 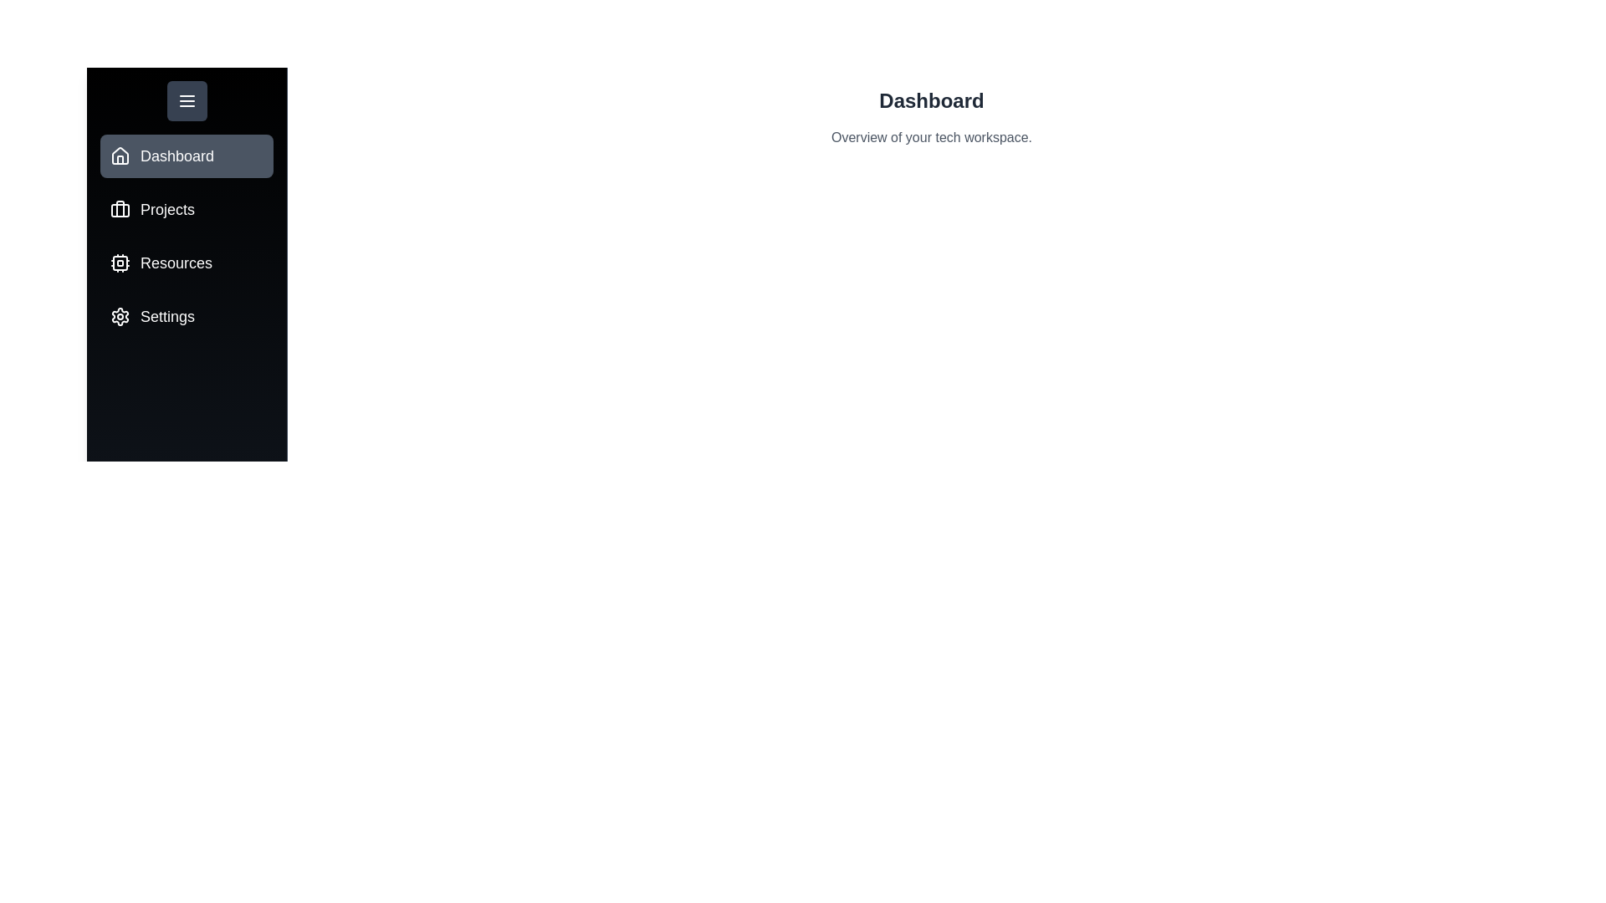 I want to click on the tab Projects from the available options, so click(x=187, y=208).